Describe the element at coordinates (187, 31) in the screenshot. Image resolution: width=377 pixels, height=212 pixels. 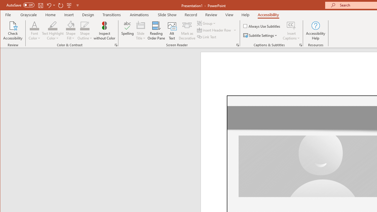
I see `'Mark as Decorative'` at that location.